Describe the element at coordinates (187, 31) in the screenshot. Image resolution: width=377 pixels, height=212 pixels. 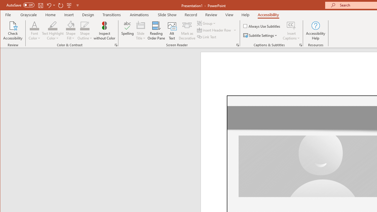
I see `'Mark as Decorative'` at that location.